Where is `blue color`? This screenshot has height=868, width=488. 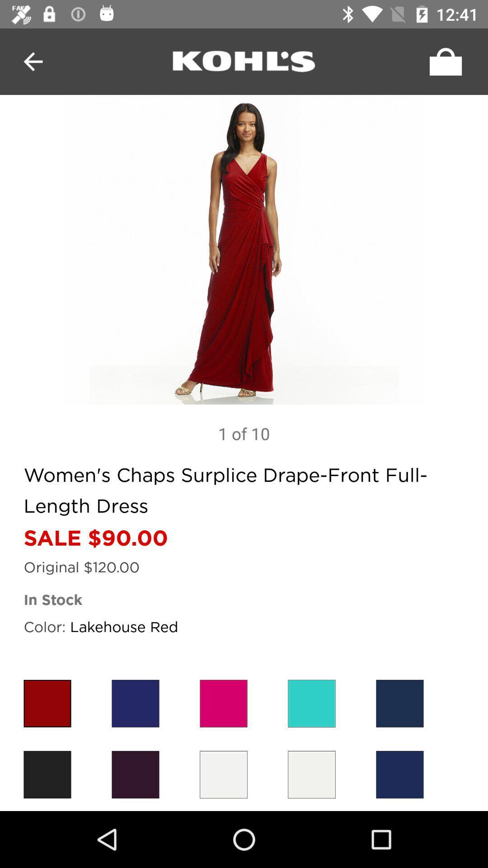 blue color is located at coordinates (399, 703).